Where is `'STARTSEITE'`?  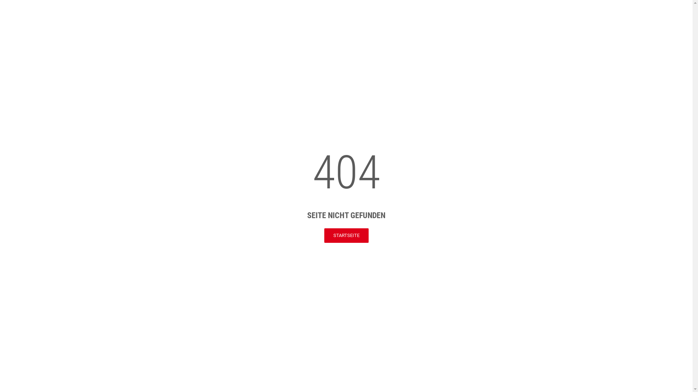 'STARTSEITE' is located at coordinates (346, 235).